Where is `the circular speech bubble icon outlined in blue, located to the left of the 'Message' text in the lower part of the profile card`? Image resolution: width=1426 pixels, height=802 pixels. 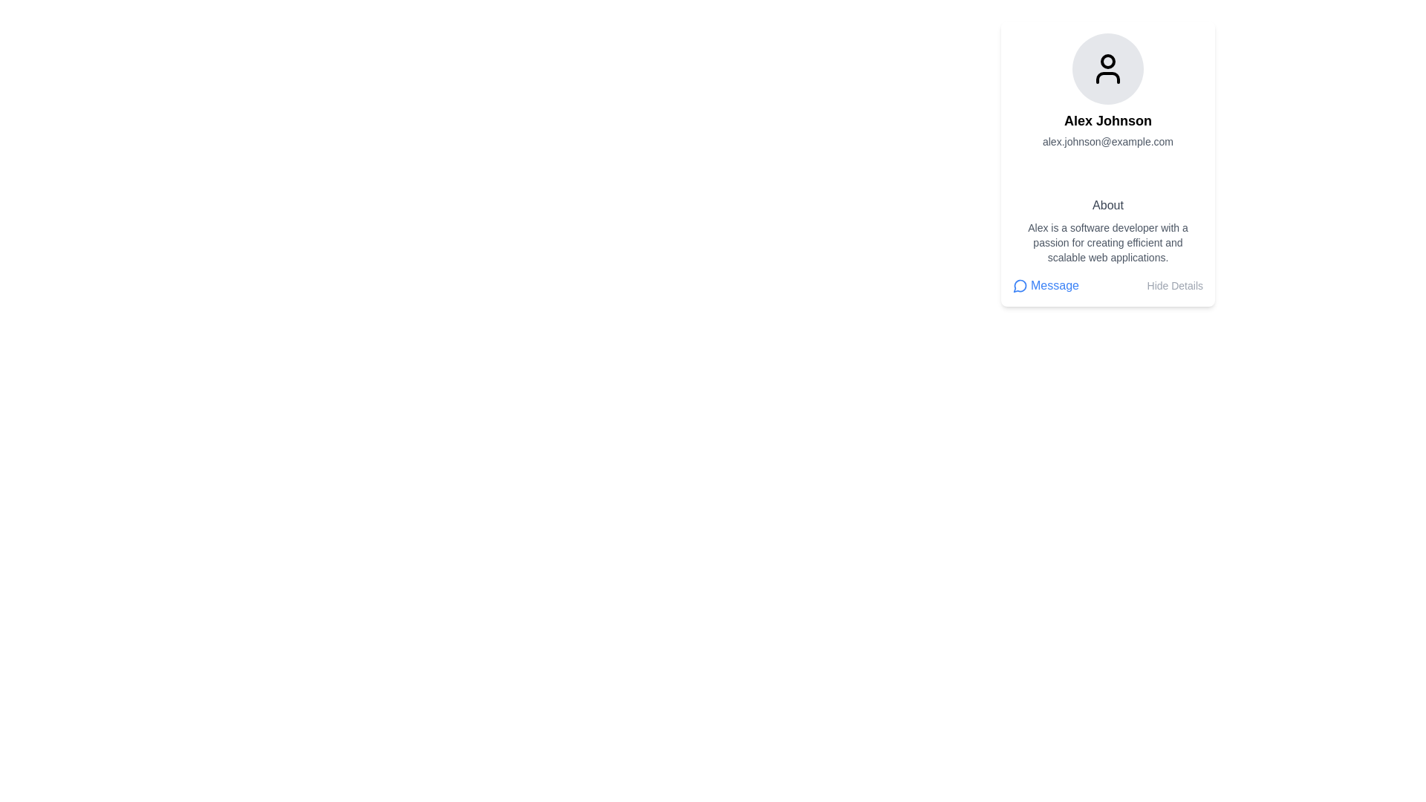
the circular speech bubble icon outlined in blue, located to the left of the 'Message' text in the lower part of the profile card is located at coordinates (1019, 286).